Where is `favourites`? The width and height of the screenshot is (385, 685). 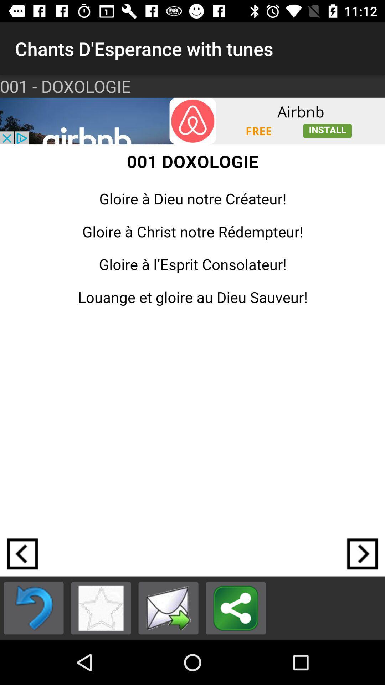
favourites is located at coordinates (101, 608).